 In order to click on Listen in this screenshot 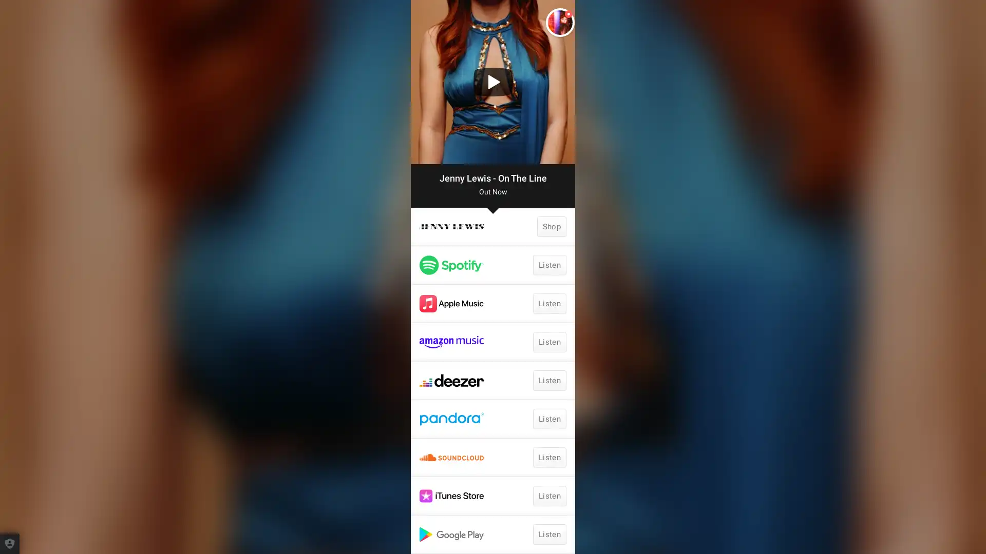, I will do `click(549, 457)`.